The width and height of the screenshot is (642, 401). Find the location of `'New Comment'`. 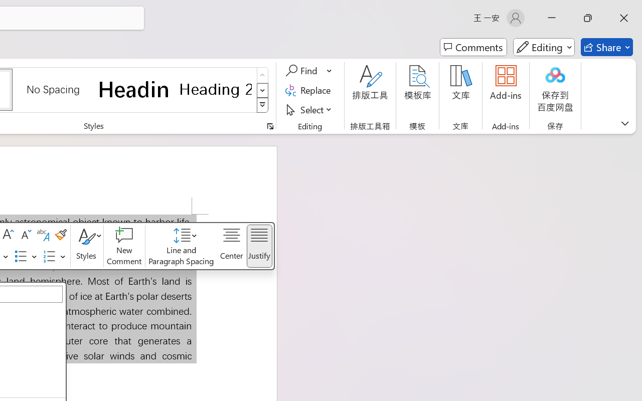

'New Comment' is located at coordinates (123, 246).